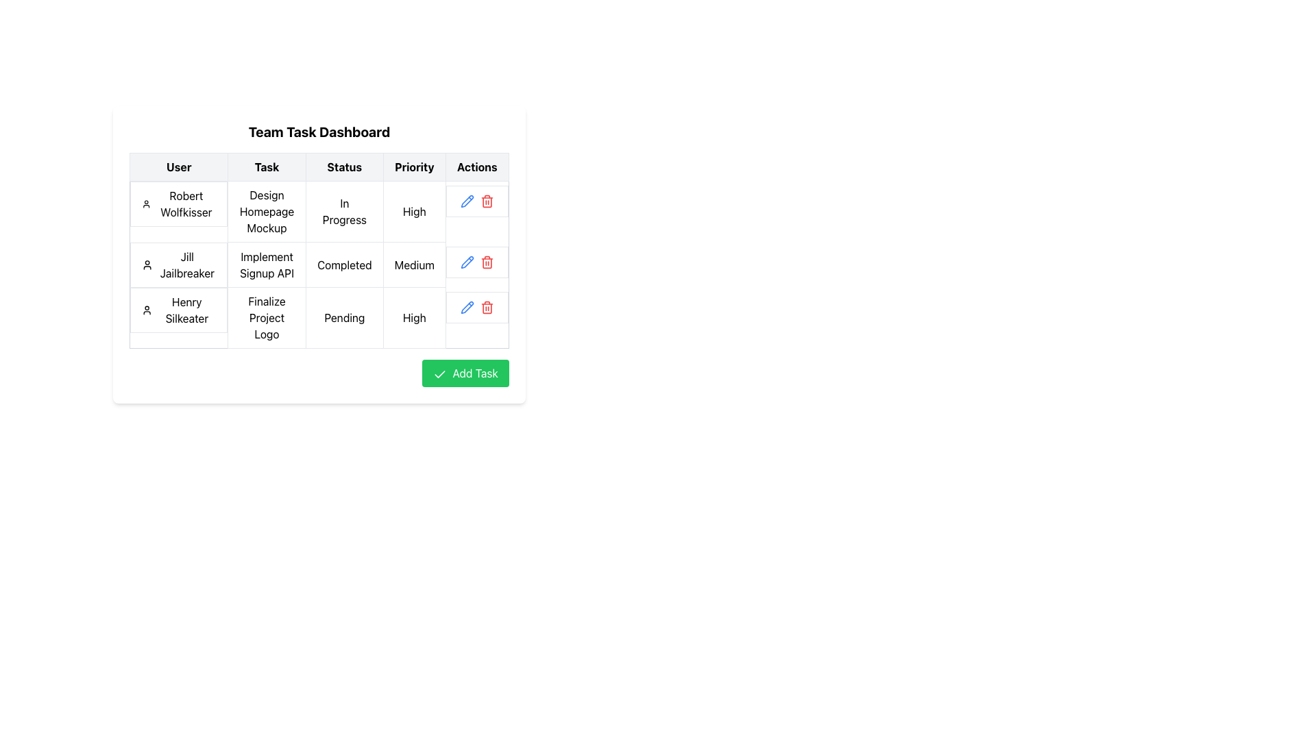 The height and width of the screenshot is (740, 1316). I want to click on the 'Status' text label in bold font located in the third cell of the table header row, which has a light gray background and is positioned between the 'Task' and 'Priority' columns, so click(344, 166).